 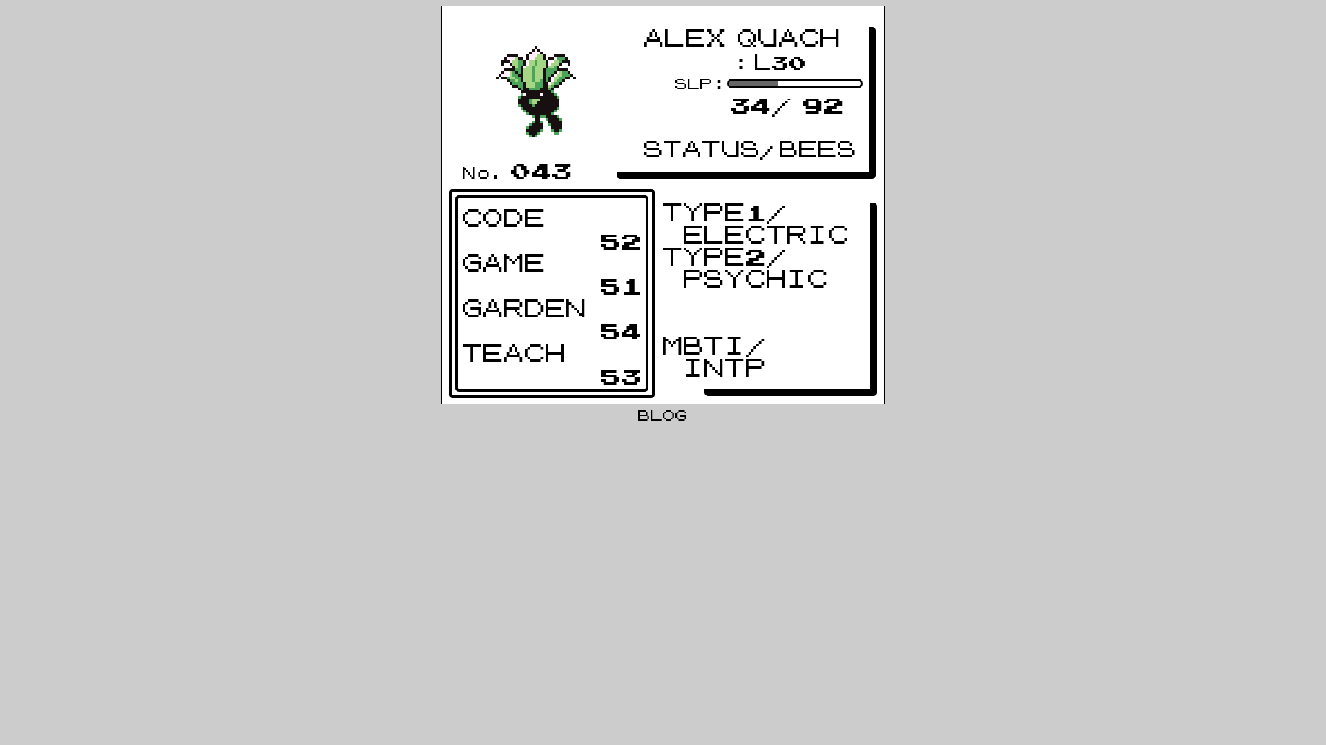 What do you see at coordinates (663, 416) in the screenshot?
I see `'BLOG'` at bounding box center [663, 416].